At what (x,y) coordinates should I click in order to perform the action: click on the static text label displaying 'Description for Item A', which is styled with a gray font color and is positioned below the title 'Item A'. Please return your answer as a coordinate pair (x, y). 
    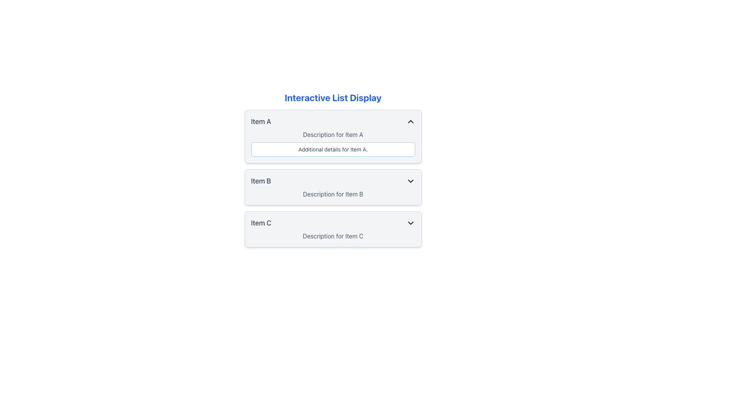
    Looking at the image, I should click on (333, 134).